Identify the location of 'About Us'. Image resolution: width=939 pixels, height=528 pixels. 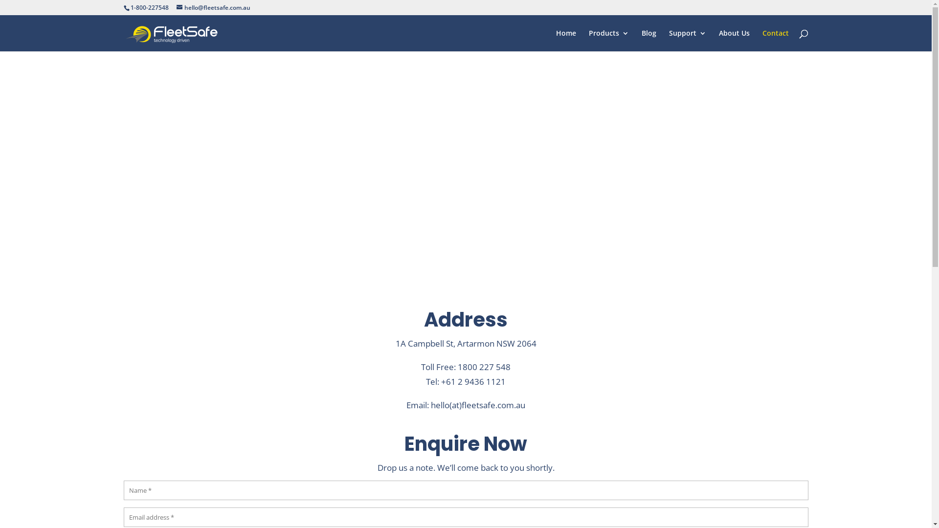
(734, 40).